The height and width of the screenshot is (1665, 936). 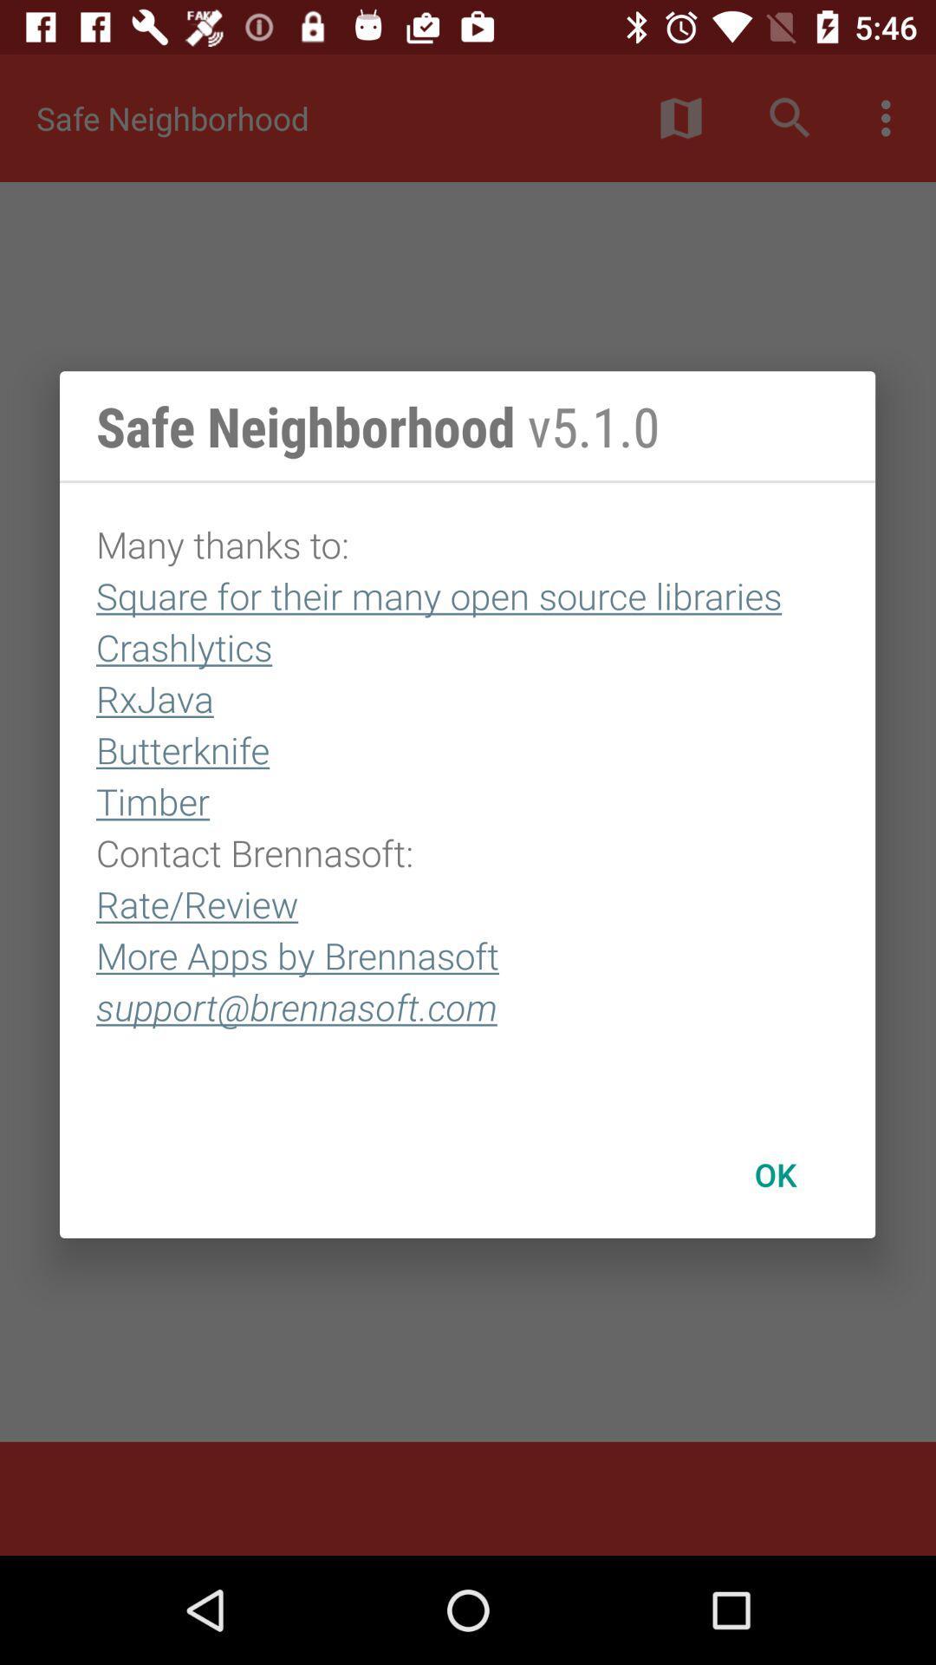 I want to click on the icon at the bottom right corner, so click(x=774, y=1174).